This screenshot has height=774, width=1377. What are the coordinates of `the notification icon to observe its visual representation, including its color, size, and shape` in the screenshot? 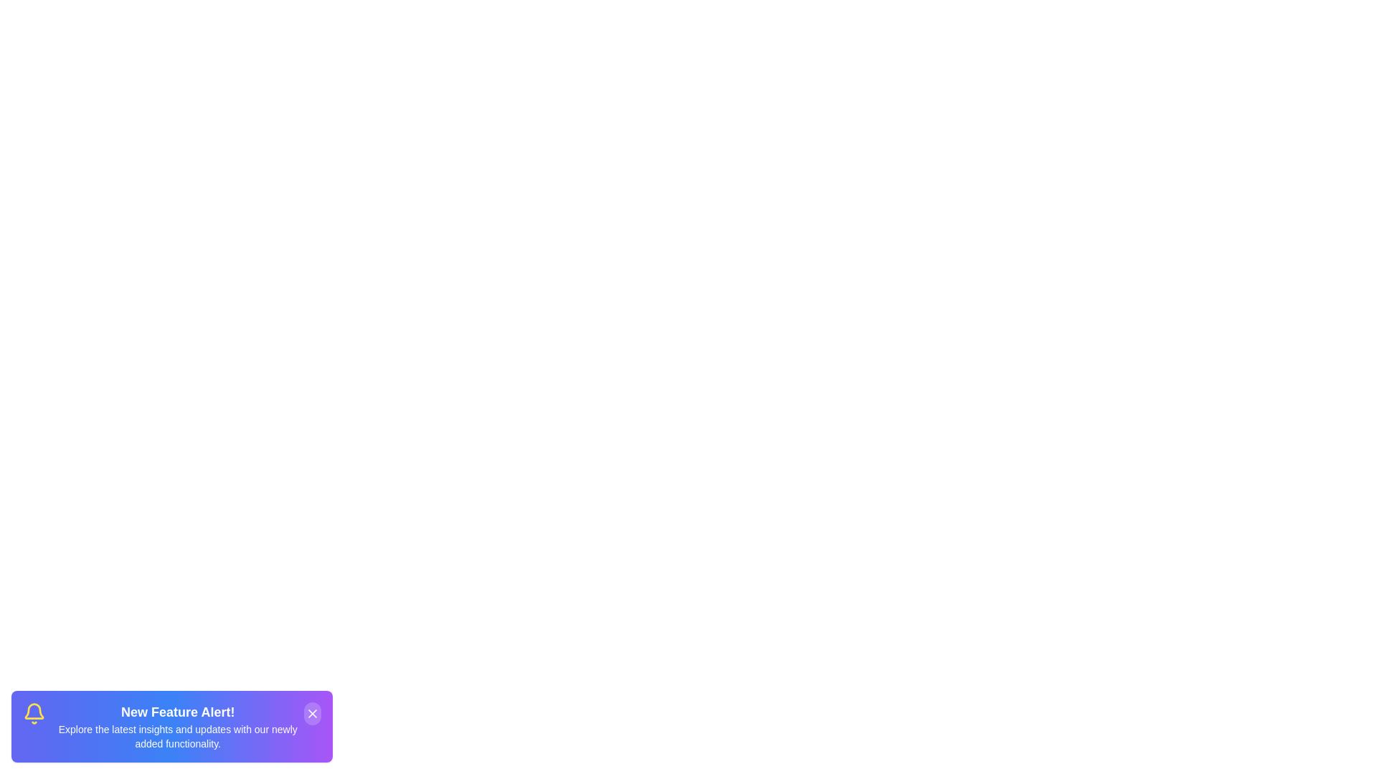 It's located at (34, 713).